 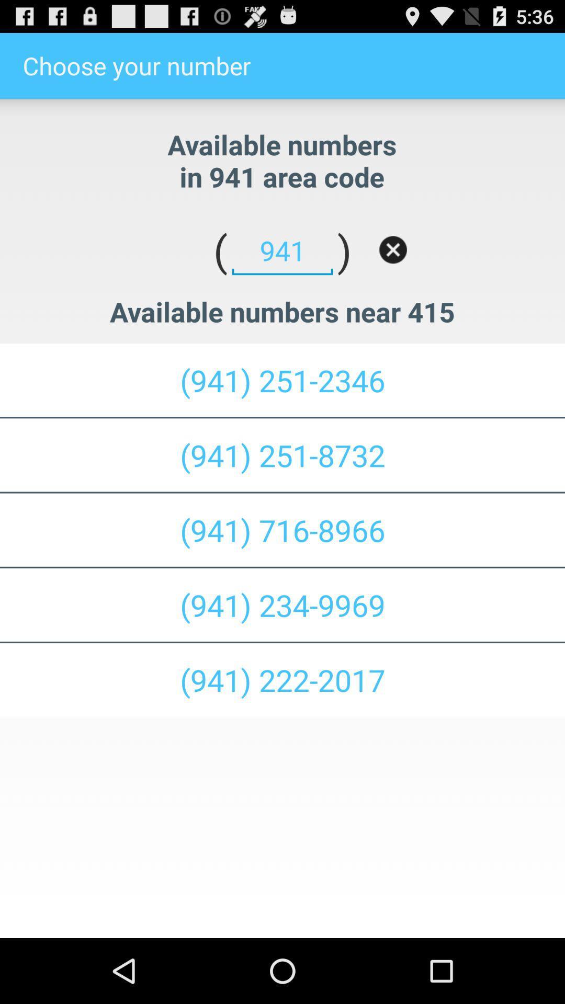 I want to click on clear, so click(x=393, y=249).